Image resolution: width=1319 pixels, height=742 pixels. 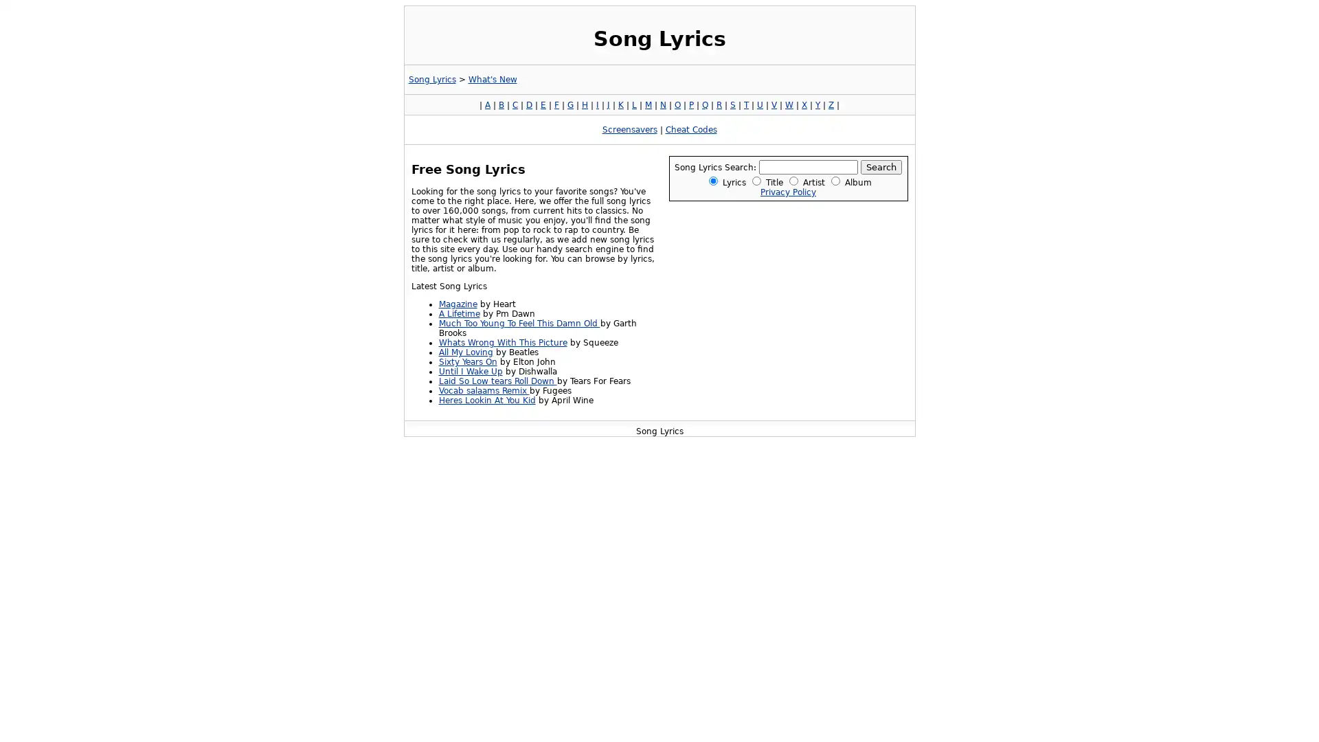 I want to click on Search, so click(x=881, y=166).